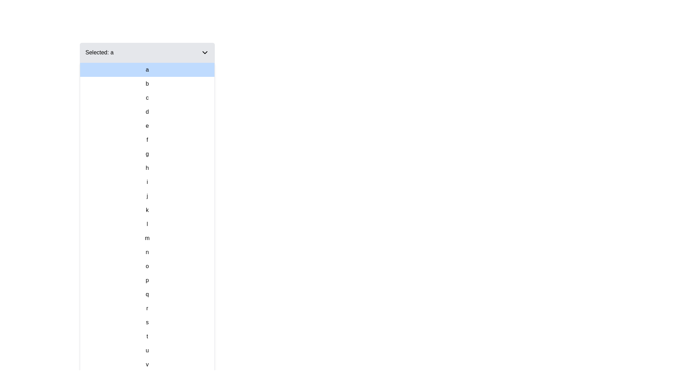 This screenshot has width=675, height=379. Describe the element at coordinates (147, 154) in the screenshot. I see `the single list item displaying the letter 'g'` at that location.